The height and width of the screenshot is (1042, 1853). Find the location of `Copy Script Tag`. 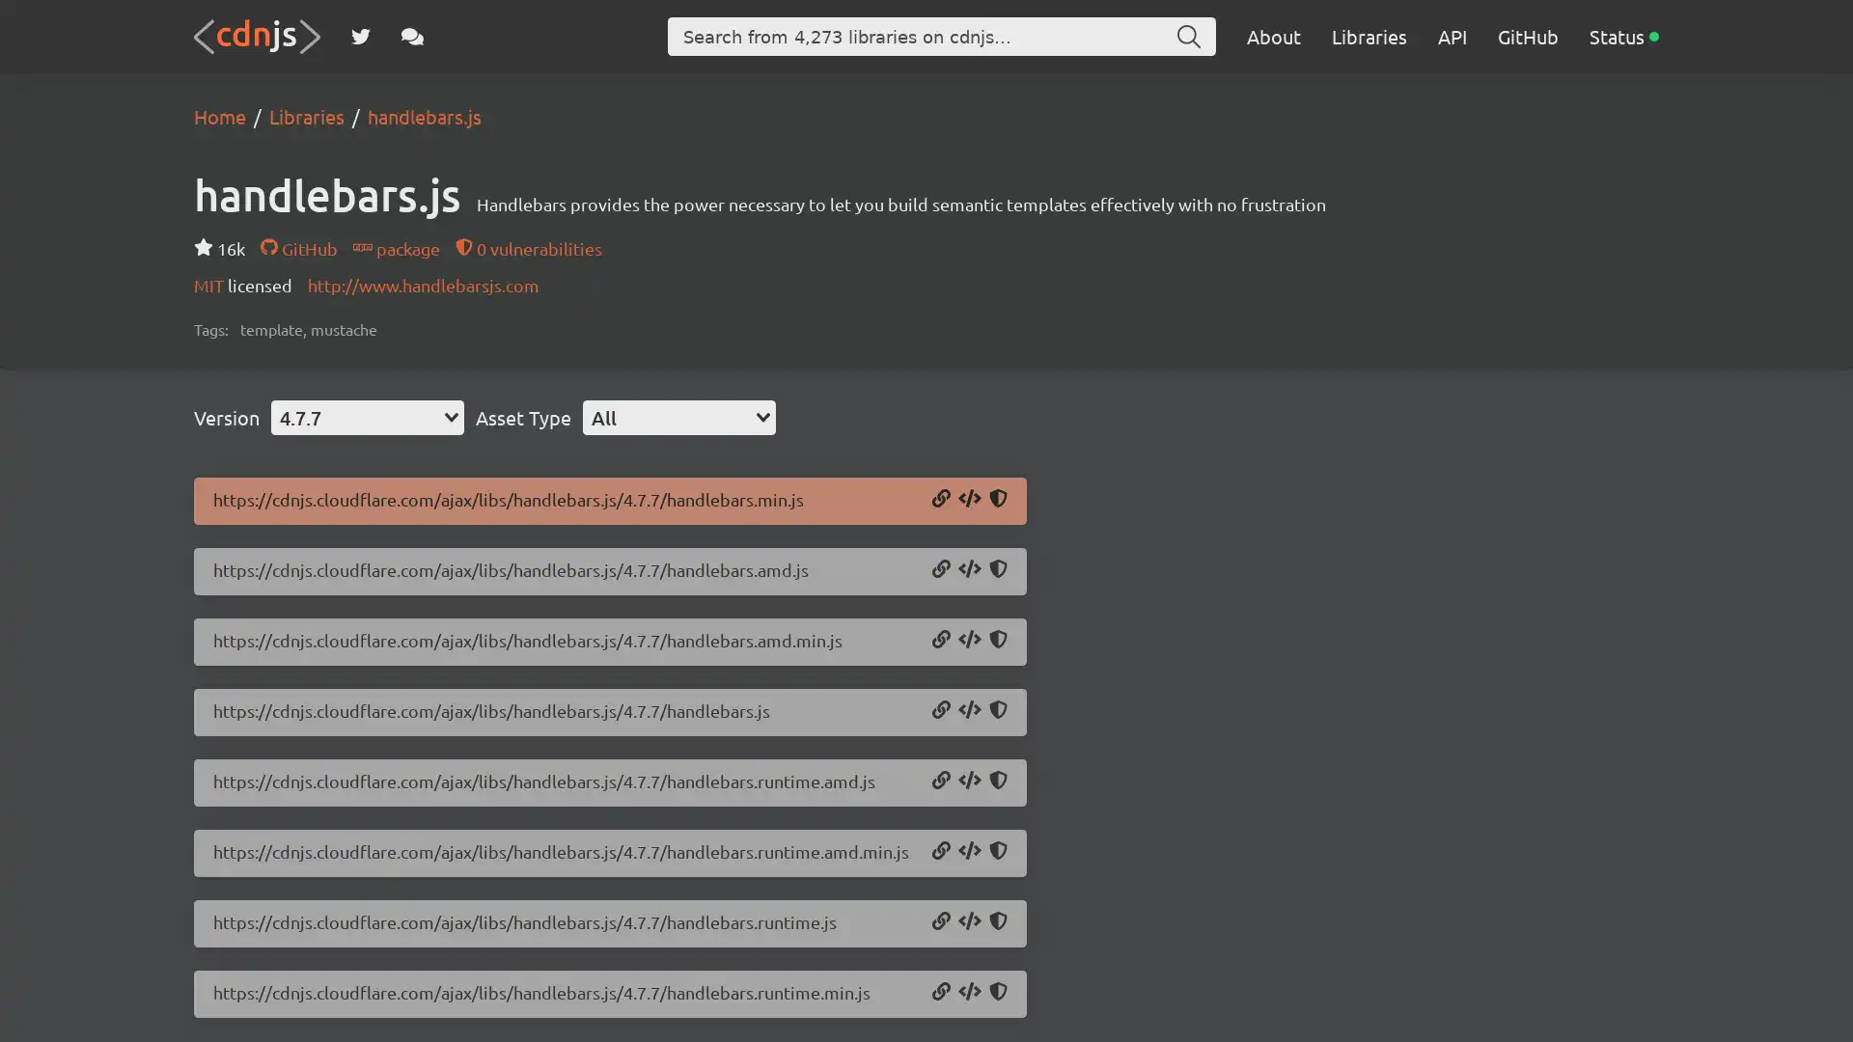

Copy Script Tag is located at coordinates (969, 781).